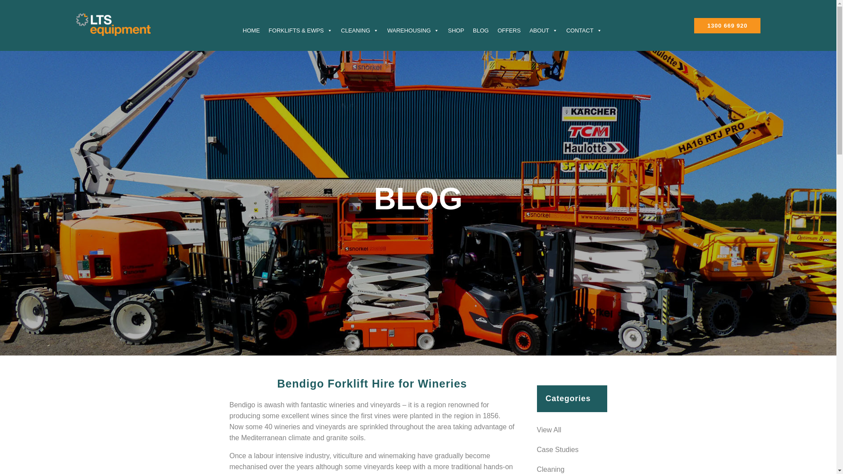  Describe the element at coordinates (456, 30) in the screenshot. I see `'SHOP'` at that location.